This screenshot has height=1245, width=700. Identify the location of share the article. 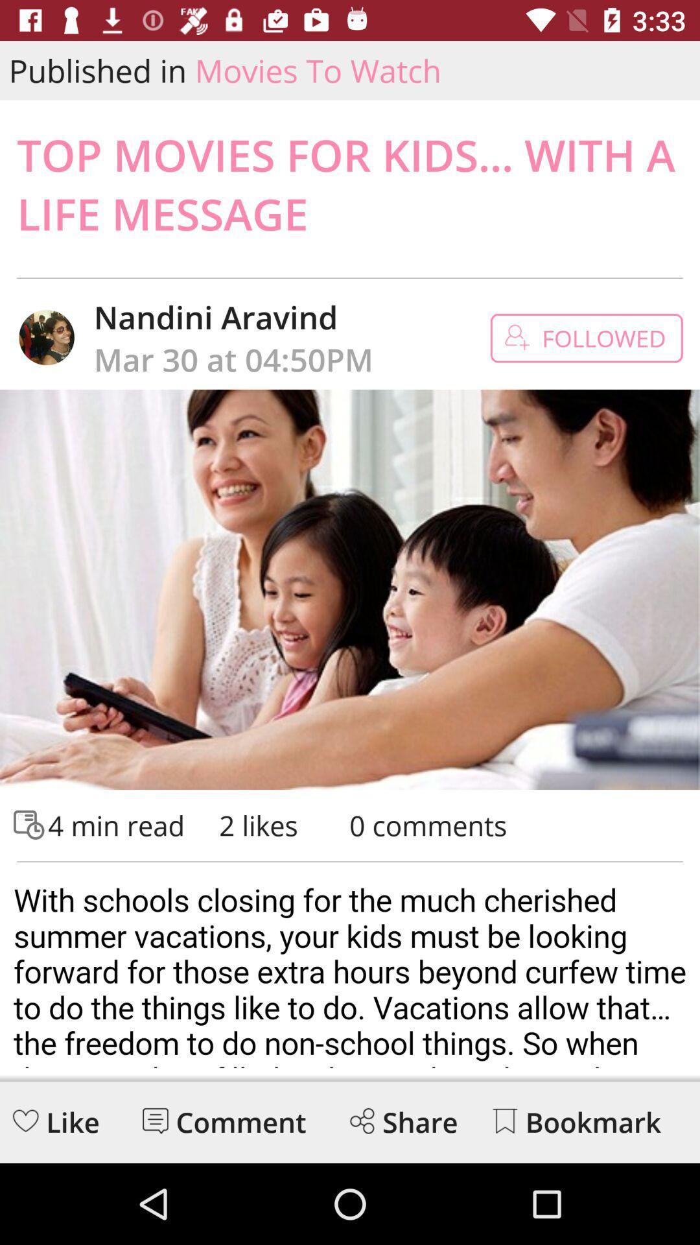
(362, 1120).